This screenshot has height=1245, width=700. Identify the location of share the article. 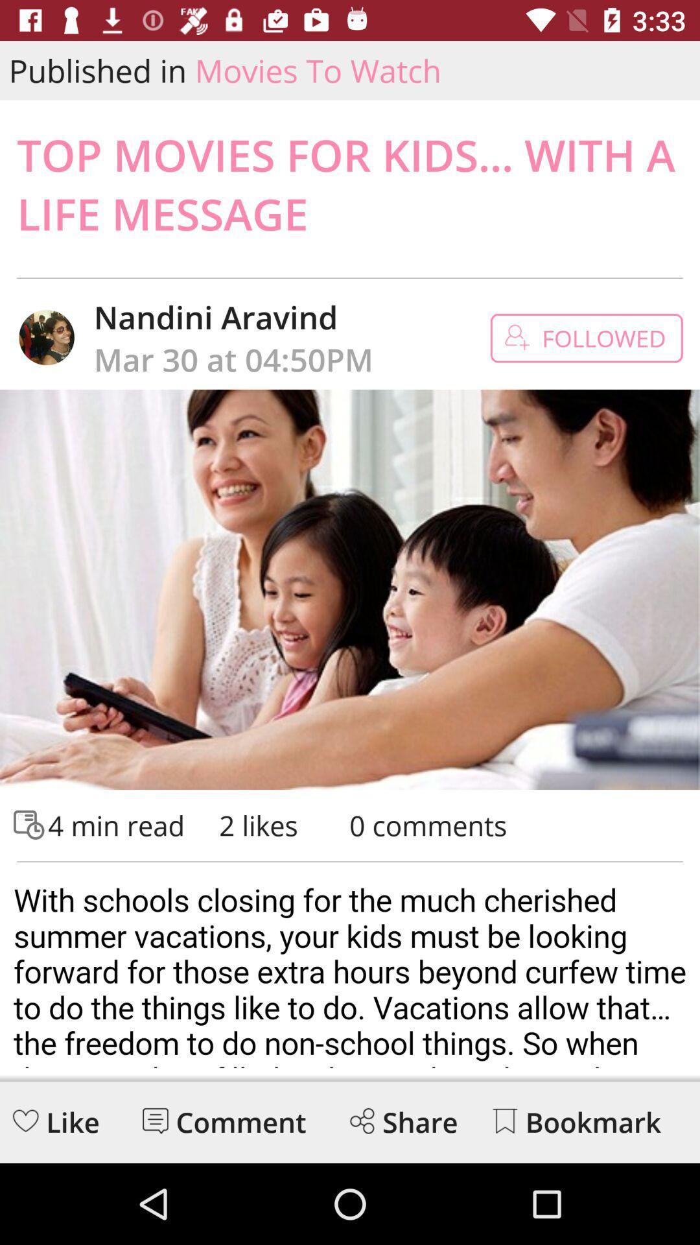
(362, 1120).